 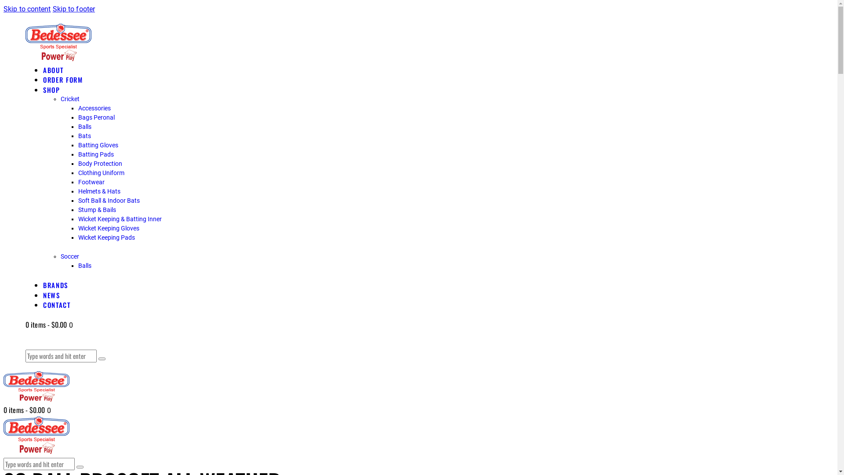 I want to click on 'Soccer', so click(x=69, y=256).